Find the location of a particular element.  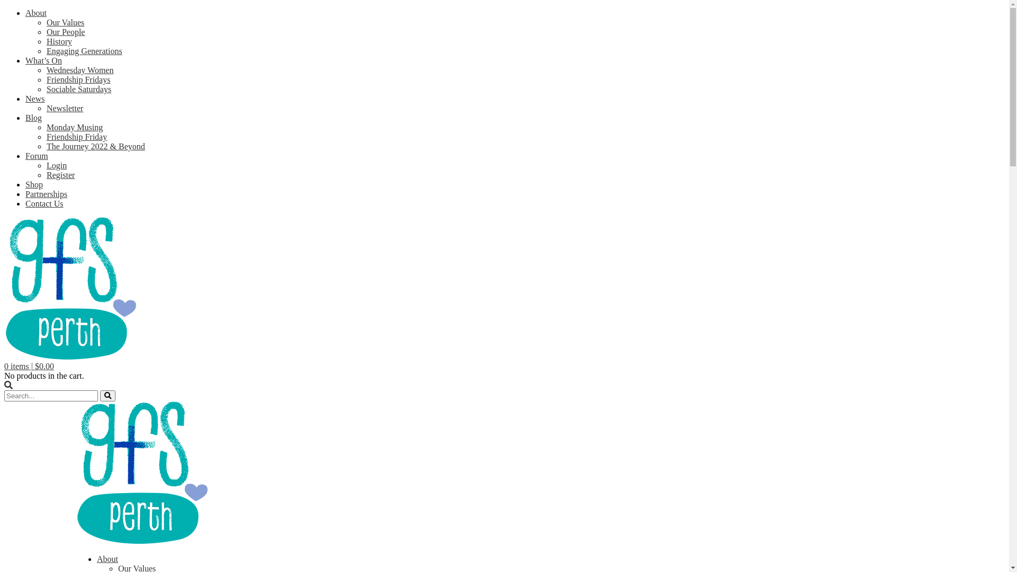

'Wednesday Women' is located at coordinates (79, 70).